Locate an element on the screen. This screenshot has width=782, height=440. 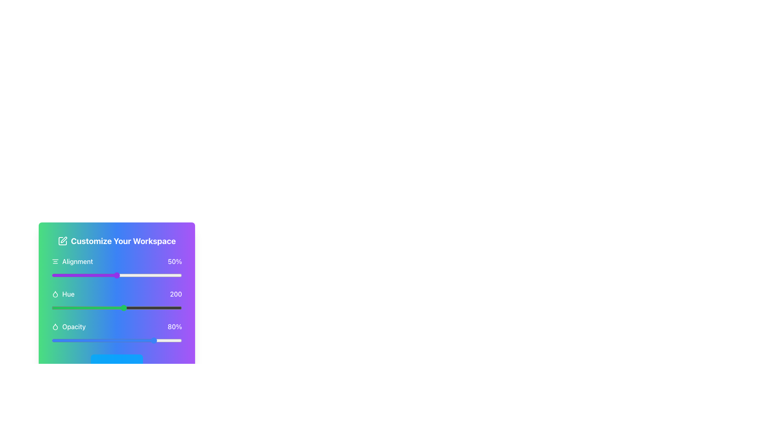
the pencil icon within the square outline, which is located to the left of the title 'Customize Your Workspace' is located at coordinates (62, 240).